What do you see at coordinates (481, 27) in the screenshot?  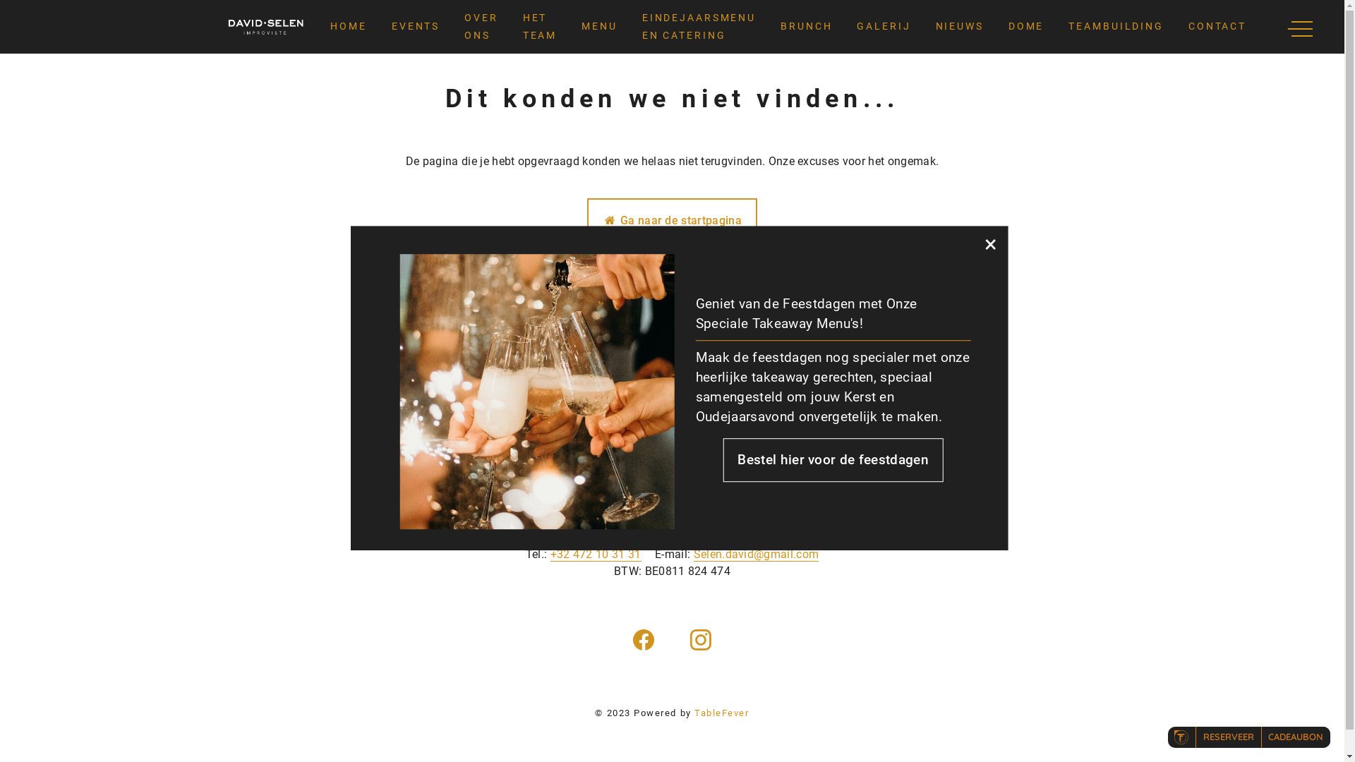 I see `'OVER ONS'` at bounding box center [481, 27].